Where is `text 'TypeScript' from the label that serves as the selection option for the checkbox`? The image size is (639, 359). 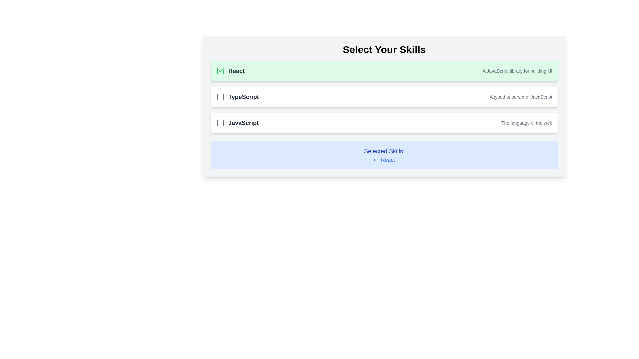 text 'TypeScript' from the label that serves as the selection option for the checkbox is located at coordinates (237, 97).